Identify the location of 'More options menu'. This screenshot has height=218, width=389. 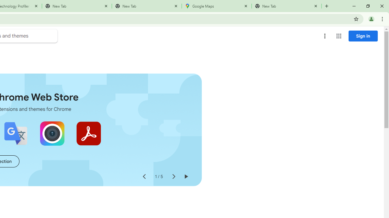
(325, 36).